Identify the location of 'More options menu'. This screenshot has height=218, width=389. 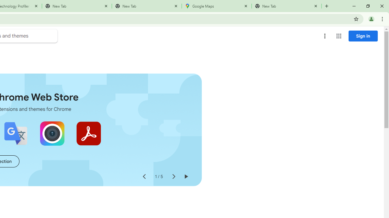
(325, 36).